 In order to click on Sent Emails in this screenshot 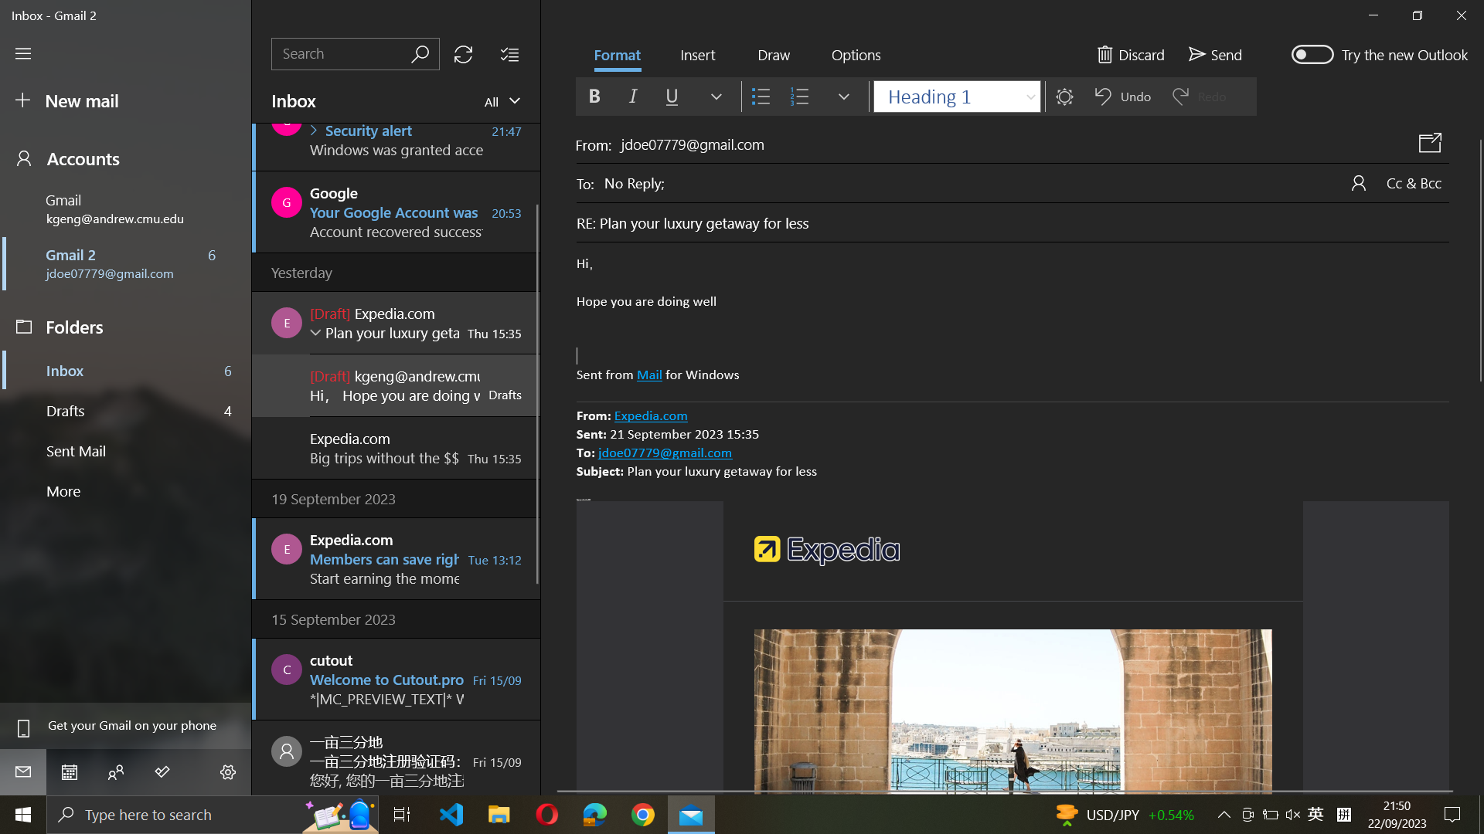, I will do `click(127, 452)`.